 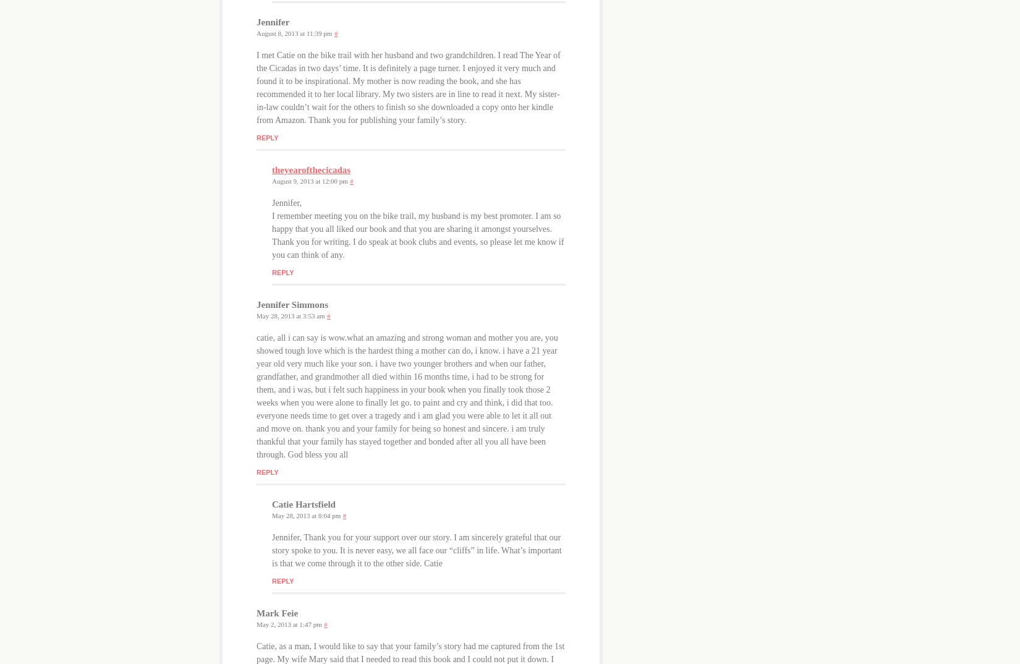 What do you see at coordinates (310, 170) in the screenshot?
I see `'theyearofthecicadas'` at bounding box center [310, 170].